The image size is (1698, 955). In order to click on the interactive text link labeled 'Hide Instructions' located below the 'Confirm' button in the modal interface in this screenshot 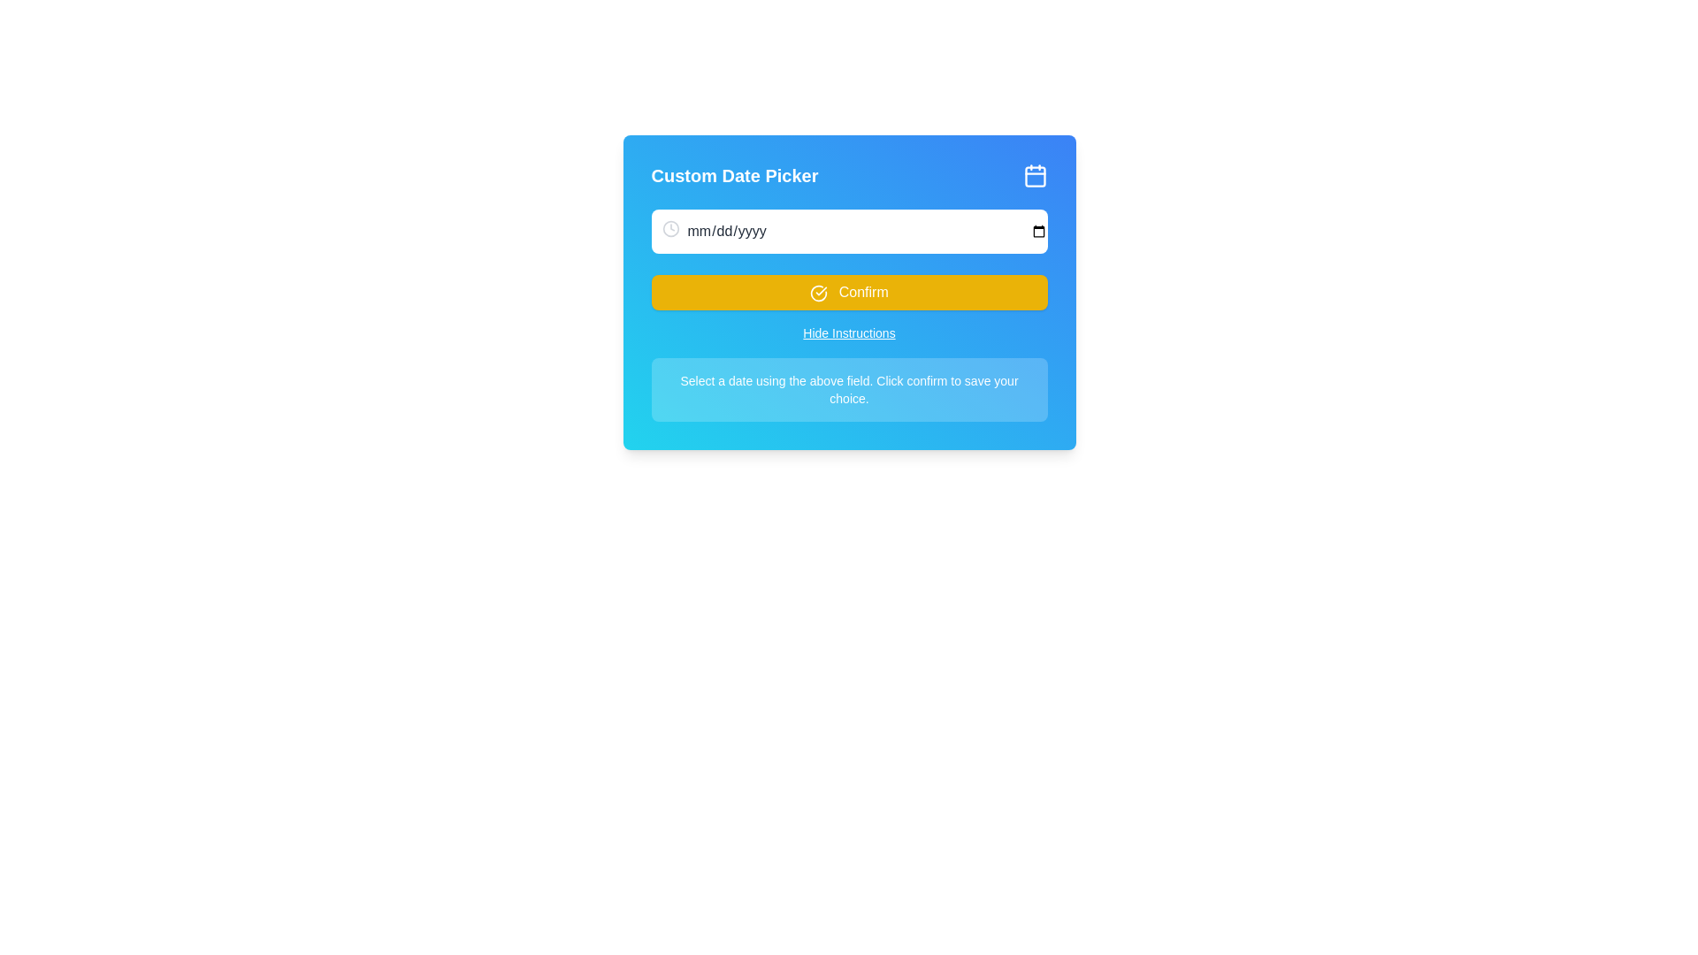, I will do `click(849, 333)`.